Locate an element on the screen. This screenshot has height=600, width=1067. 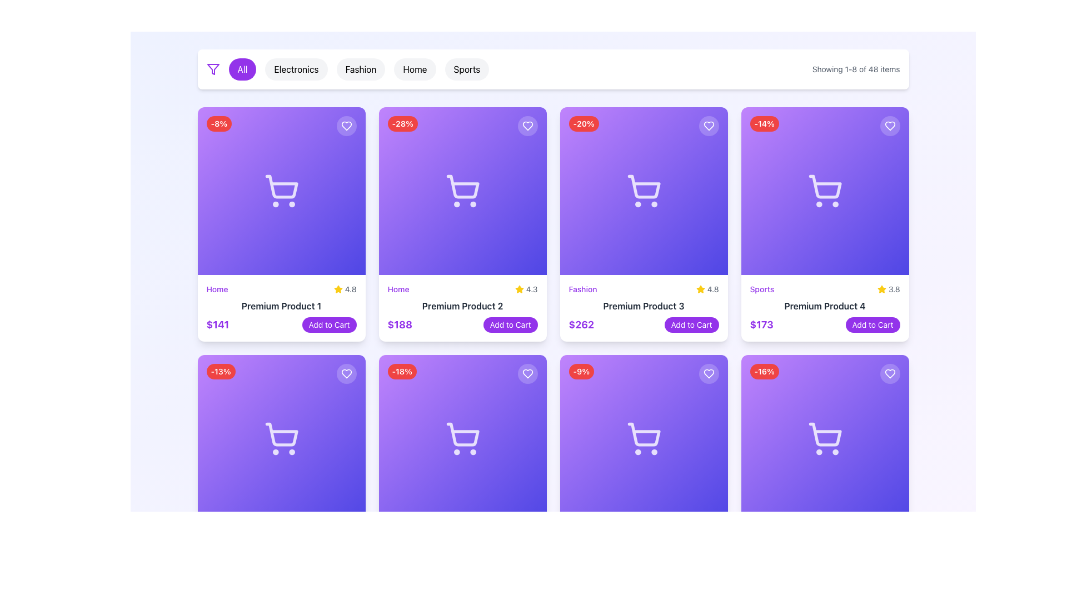
the red badge with white text reading '-8%' located in the top-left corner of the 'Premium Product 1' card is located at coordinates (219, 124).